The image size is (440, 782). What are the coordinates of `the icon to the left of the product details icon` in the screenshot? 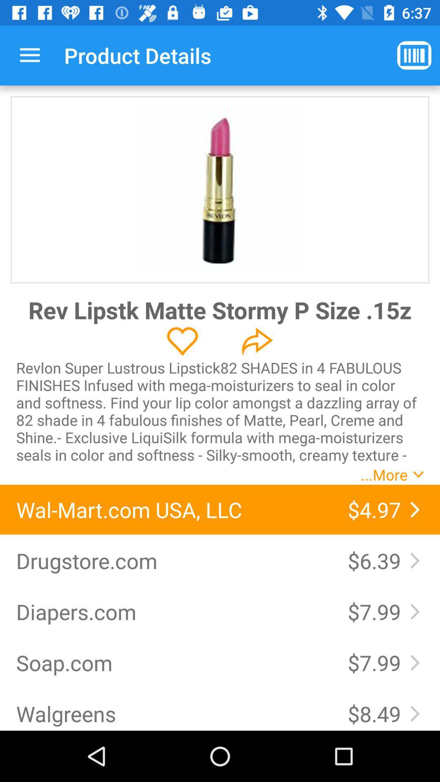 It's located at (29, 55).